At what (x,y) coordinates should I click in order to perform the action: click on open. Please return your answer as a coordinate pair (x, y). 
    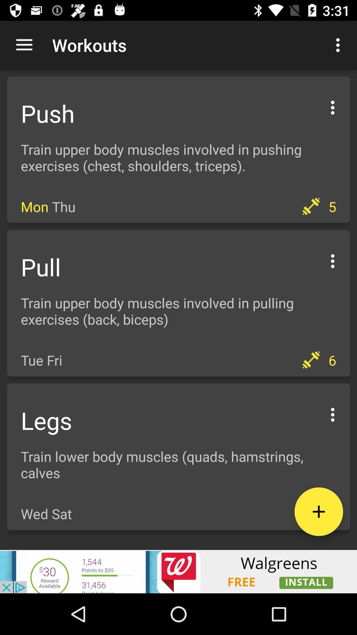
    Looking at the image, I should click on (333, 106).